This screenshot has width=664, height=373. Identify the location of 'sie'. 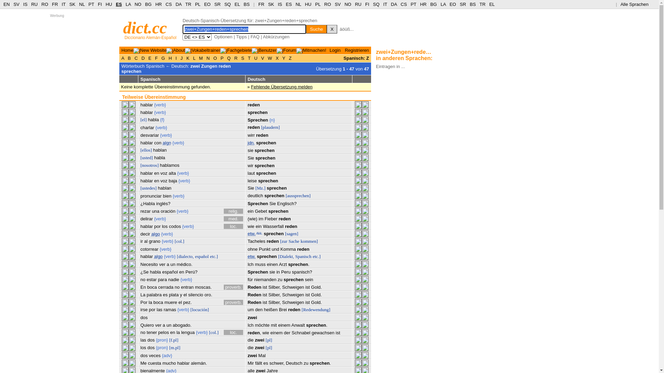
(250, 150).